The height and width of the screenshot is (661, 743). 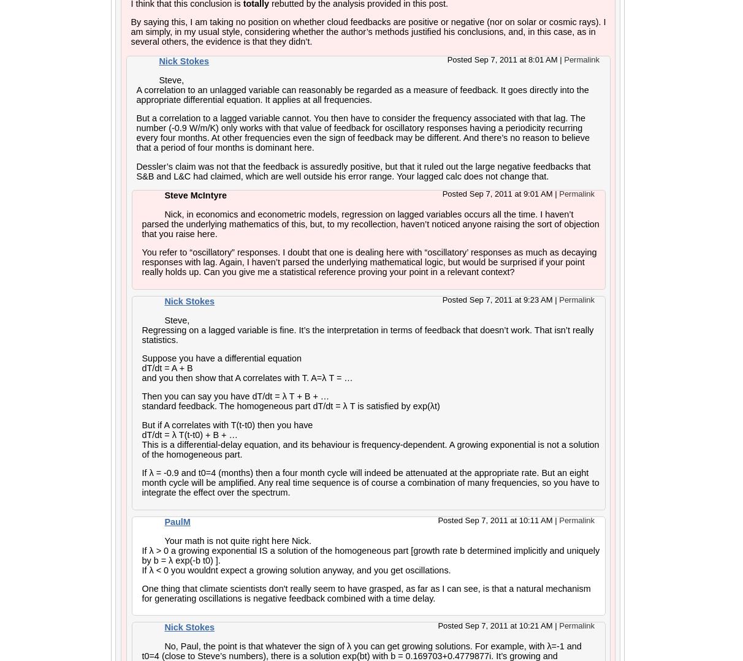 I want to click on 'This is a differential-delay equation, and its behaviour is frequency-dependent. A growing exponential is not a solution of the homogeneous part.', so click(x=370, y=448).